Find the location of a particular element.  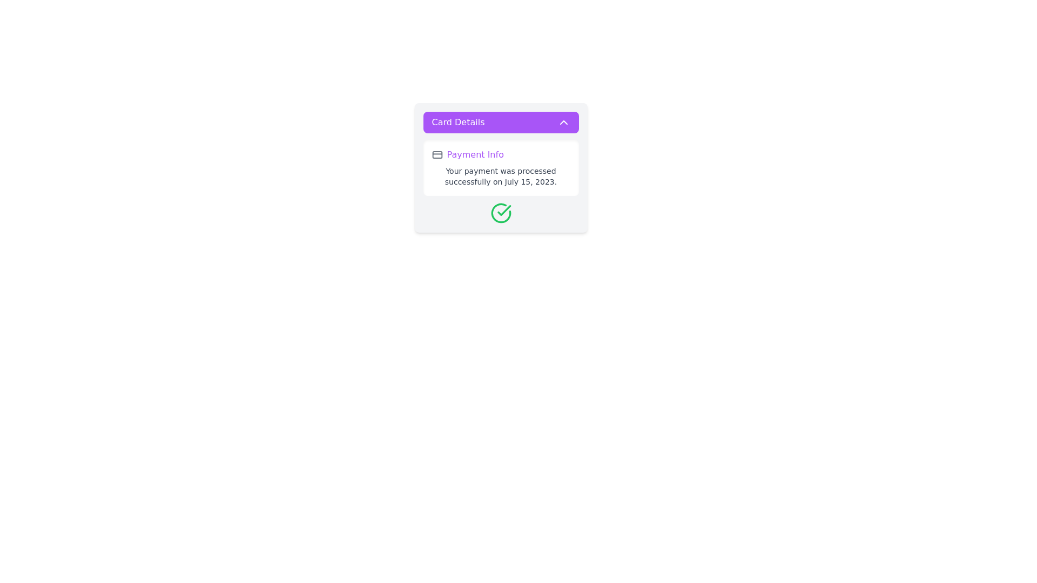

the payment confirmation icon that indicates successful completion of the payment process, located below the payment confirmation details text within a light gray card is located at coordinates (500, 213).